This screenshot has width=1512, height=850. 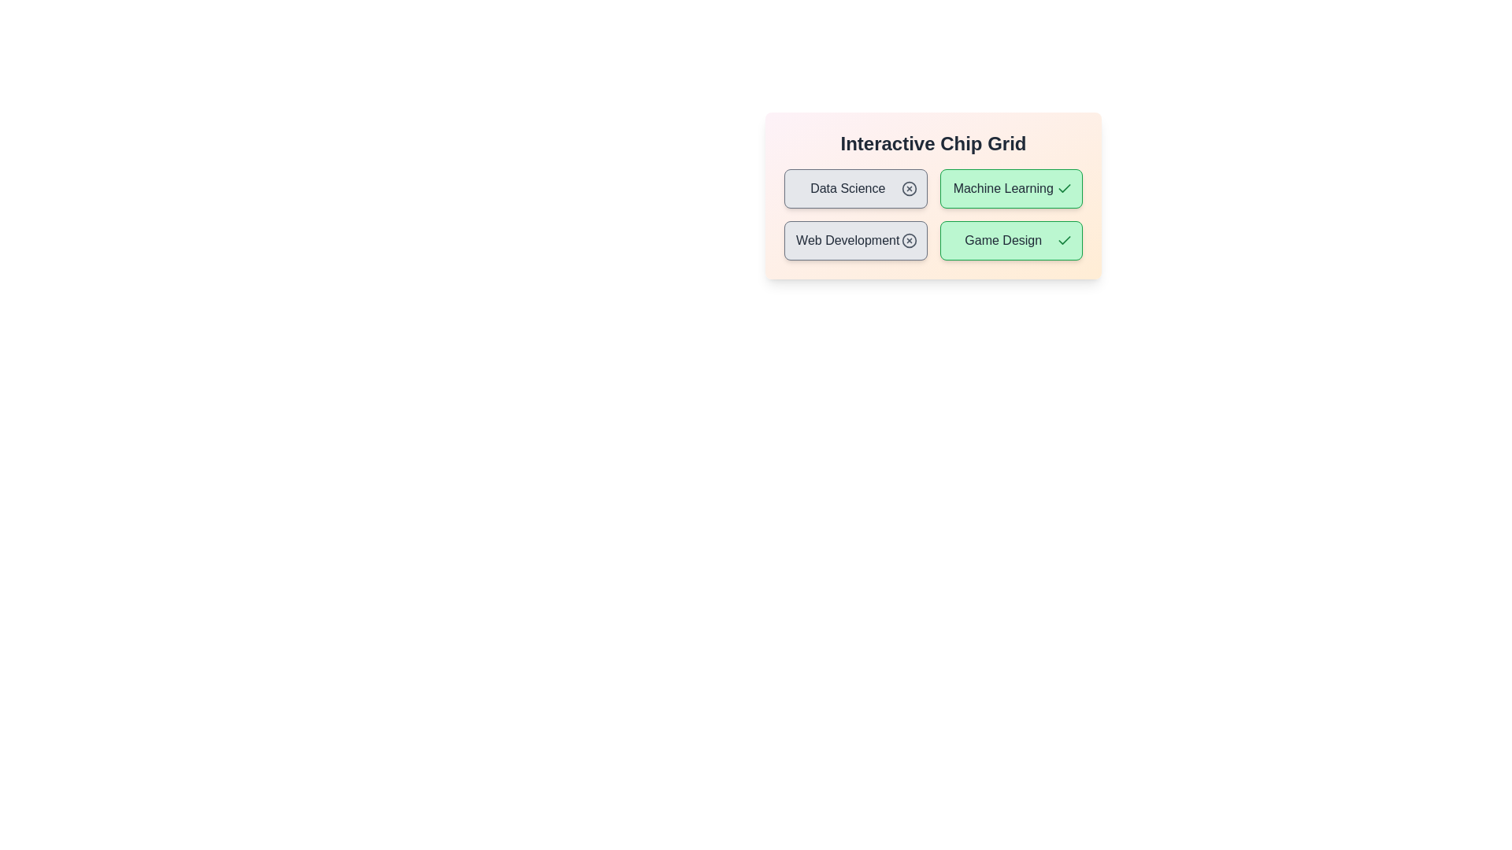 What do you see at coordinates (854, 240) in the screenshot?
I see `the chip labeled Web Development to toggle its activation state` at bounding box center [854, 240].